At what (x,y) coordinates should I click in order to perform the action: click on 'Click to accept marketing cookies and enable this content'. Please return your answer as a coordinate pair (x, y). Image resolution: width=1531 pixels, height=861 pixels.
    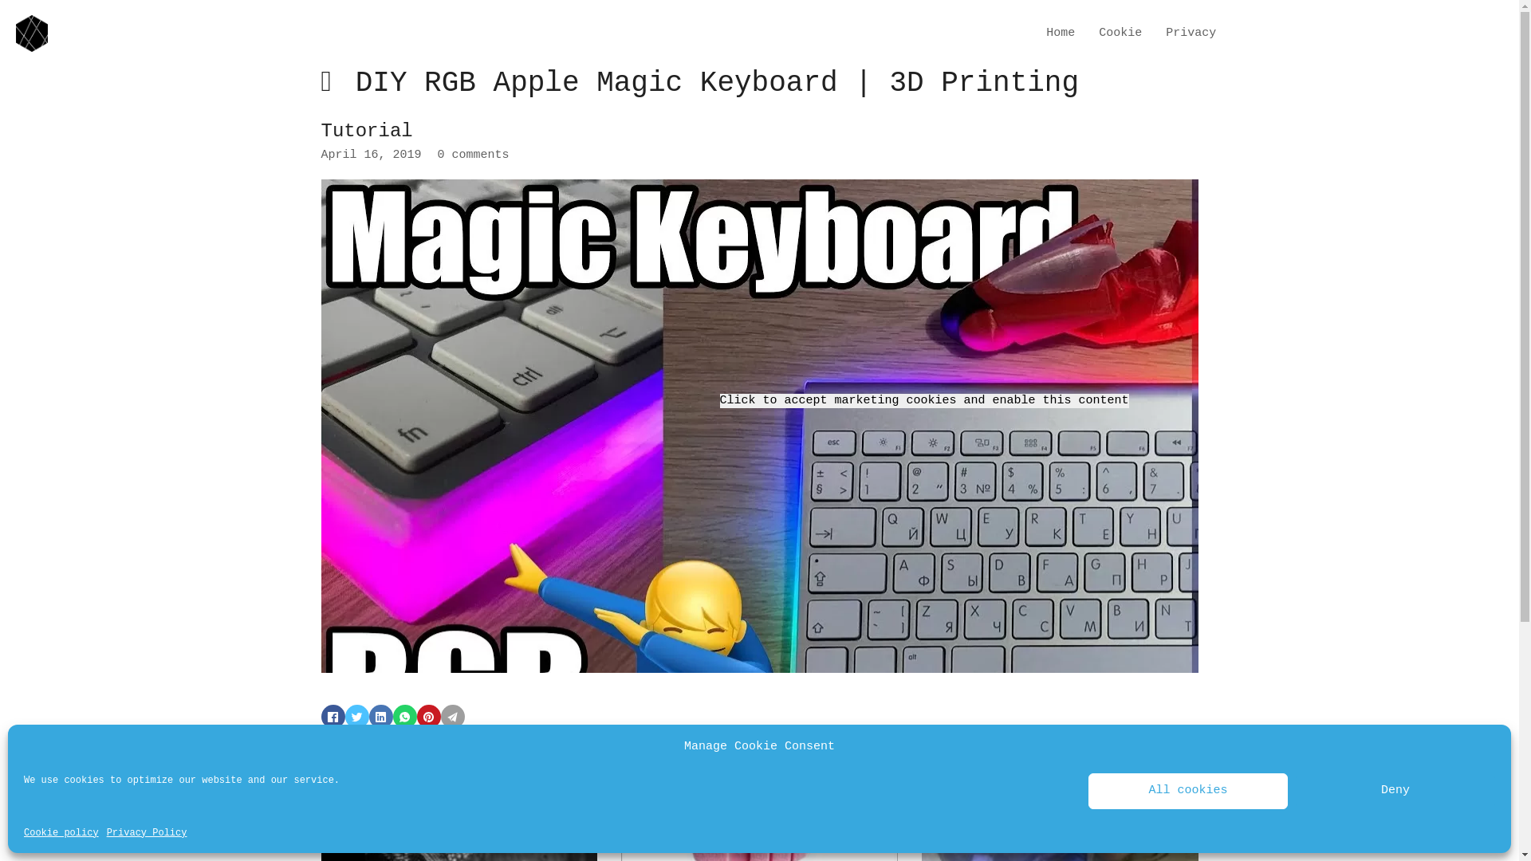
    Looking at the image, I should click on (923, 399).